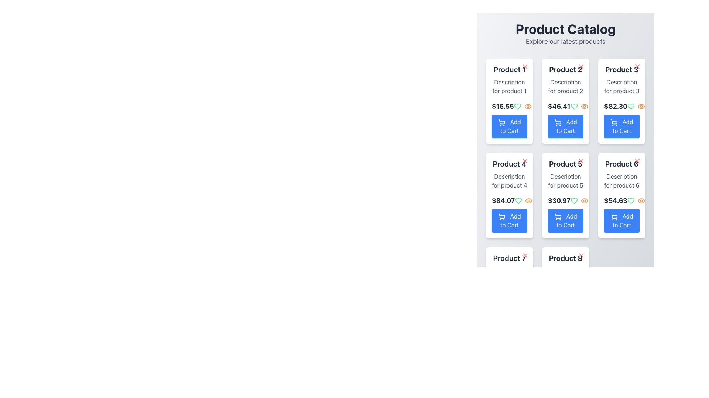 Image resolution: width=709 pixels, height=398 pixels. Describe the element at coordinates (614, 216) in the screenshot. I see `the shopping cart icon element, which is a minimalistic vector graphic representation located in the action button of the third product card in the second row of a grid layout` at that location.